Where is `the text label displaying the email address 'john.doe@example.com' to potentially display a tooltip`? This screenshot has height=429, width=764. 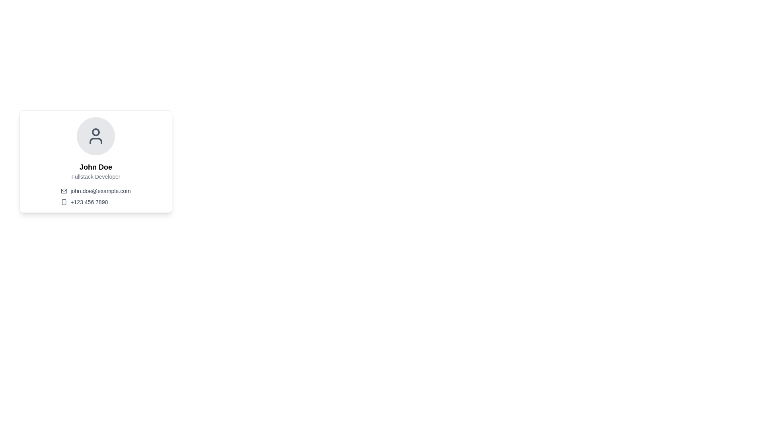
the text label displaying the email address 'john.doe@example.com' to potentially display a tooltip is located at coordinates (100, 191).